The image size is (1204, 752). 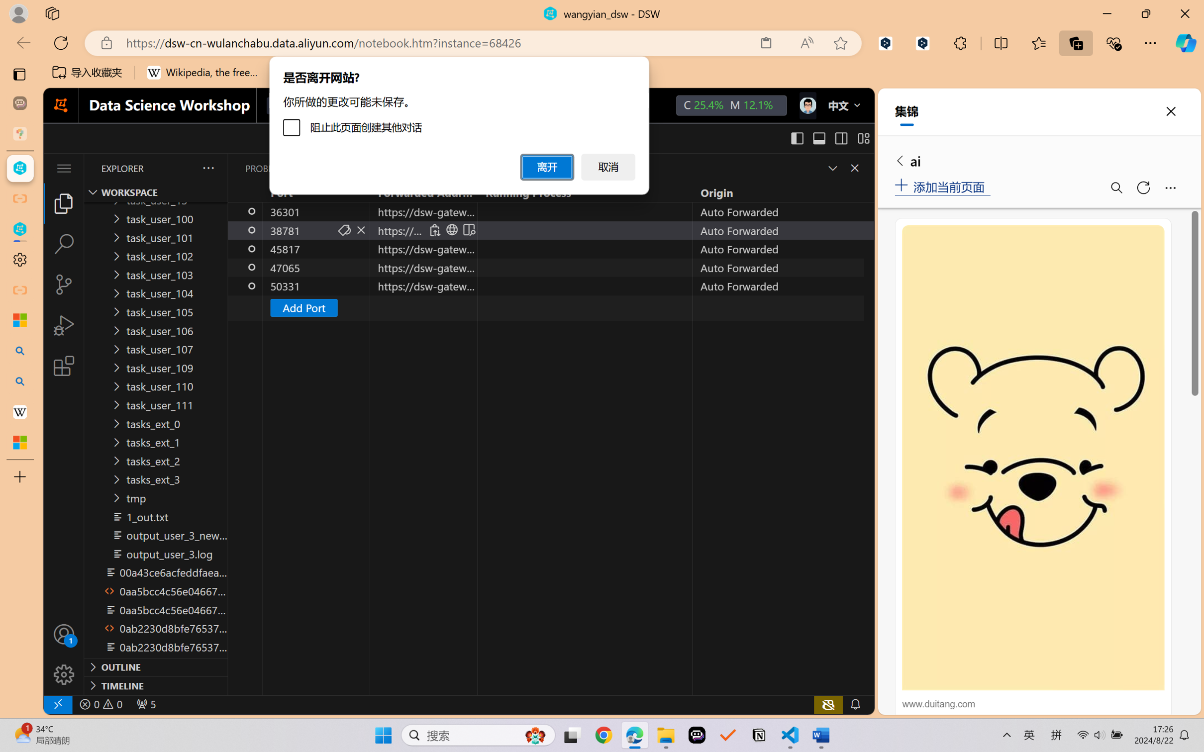 I want to click on 'Customize Layout...', so click(x=863, y=138).